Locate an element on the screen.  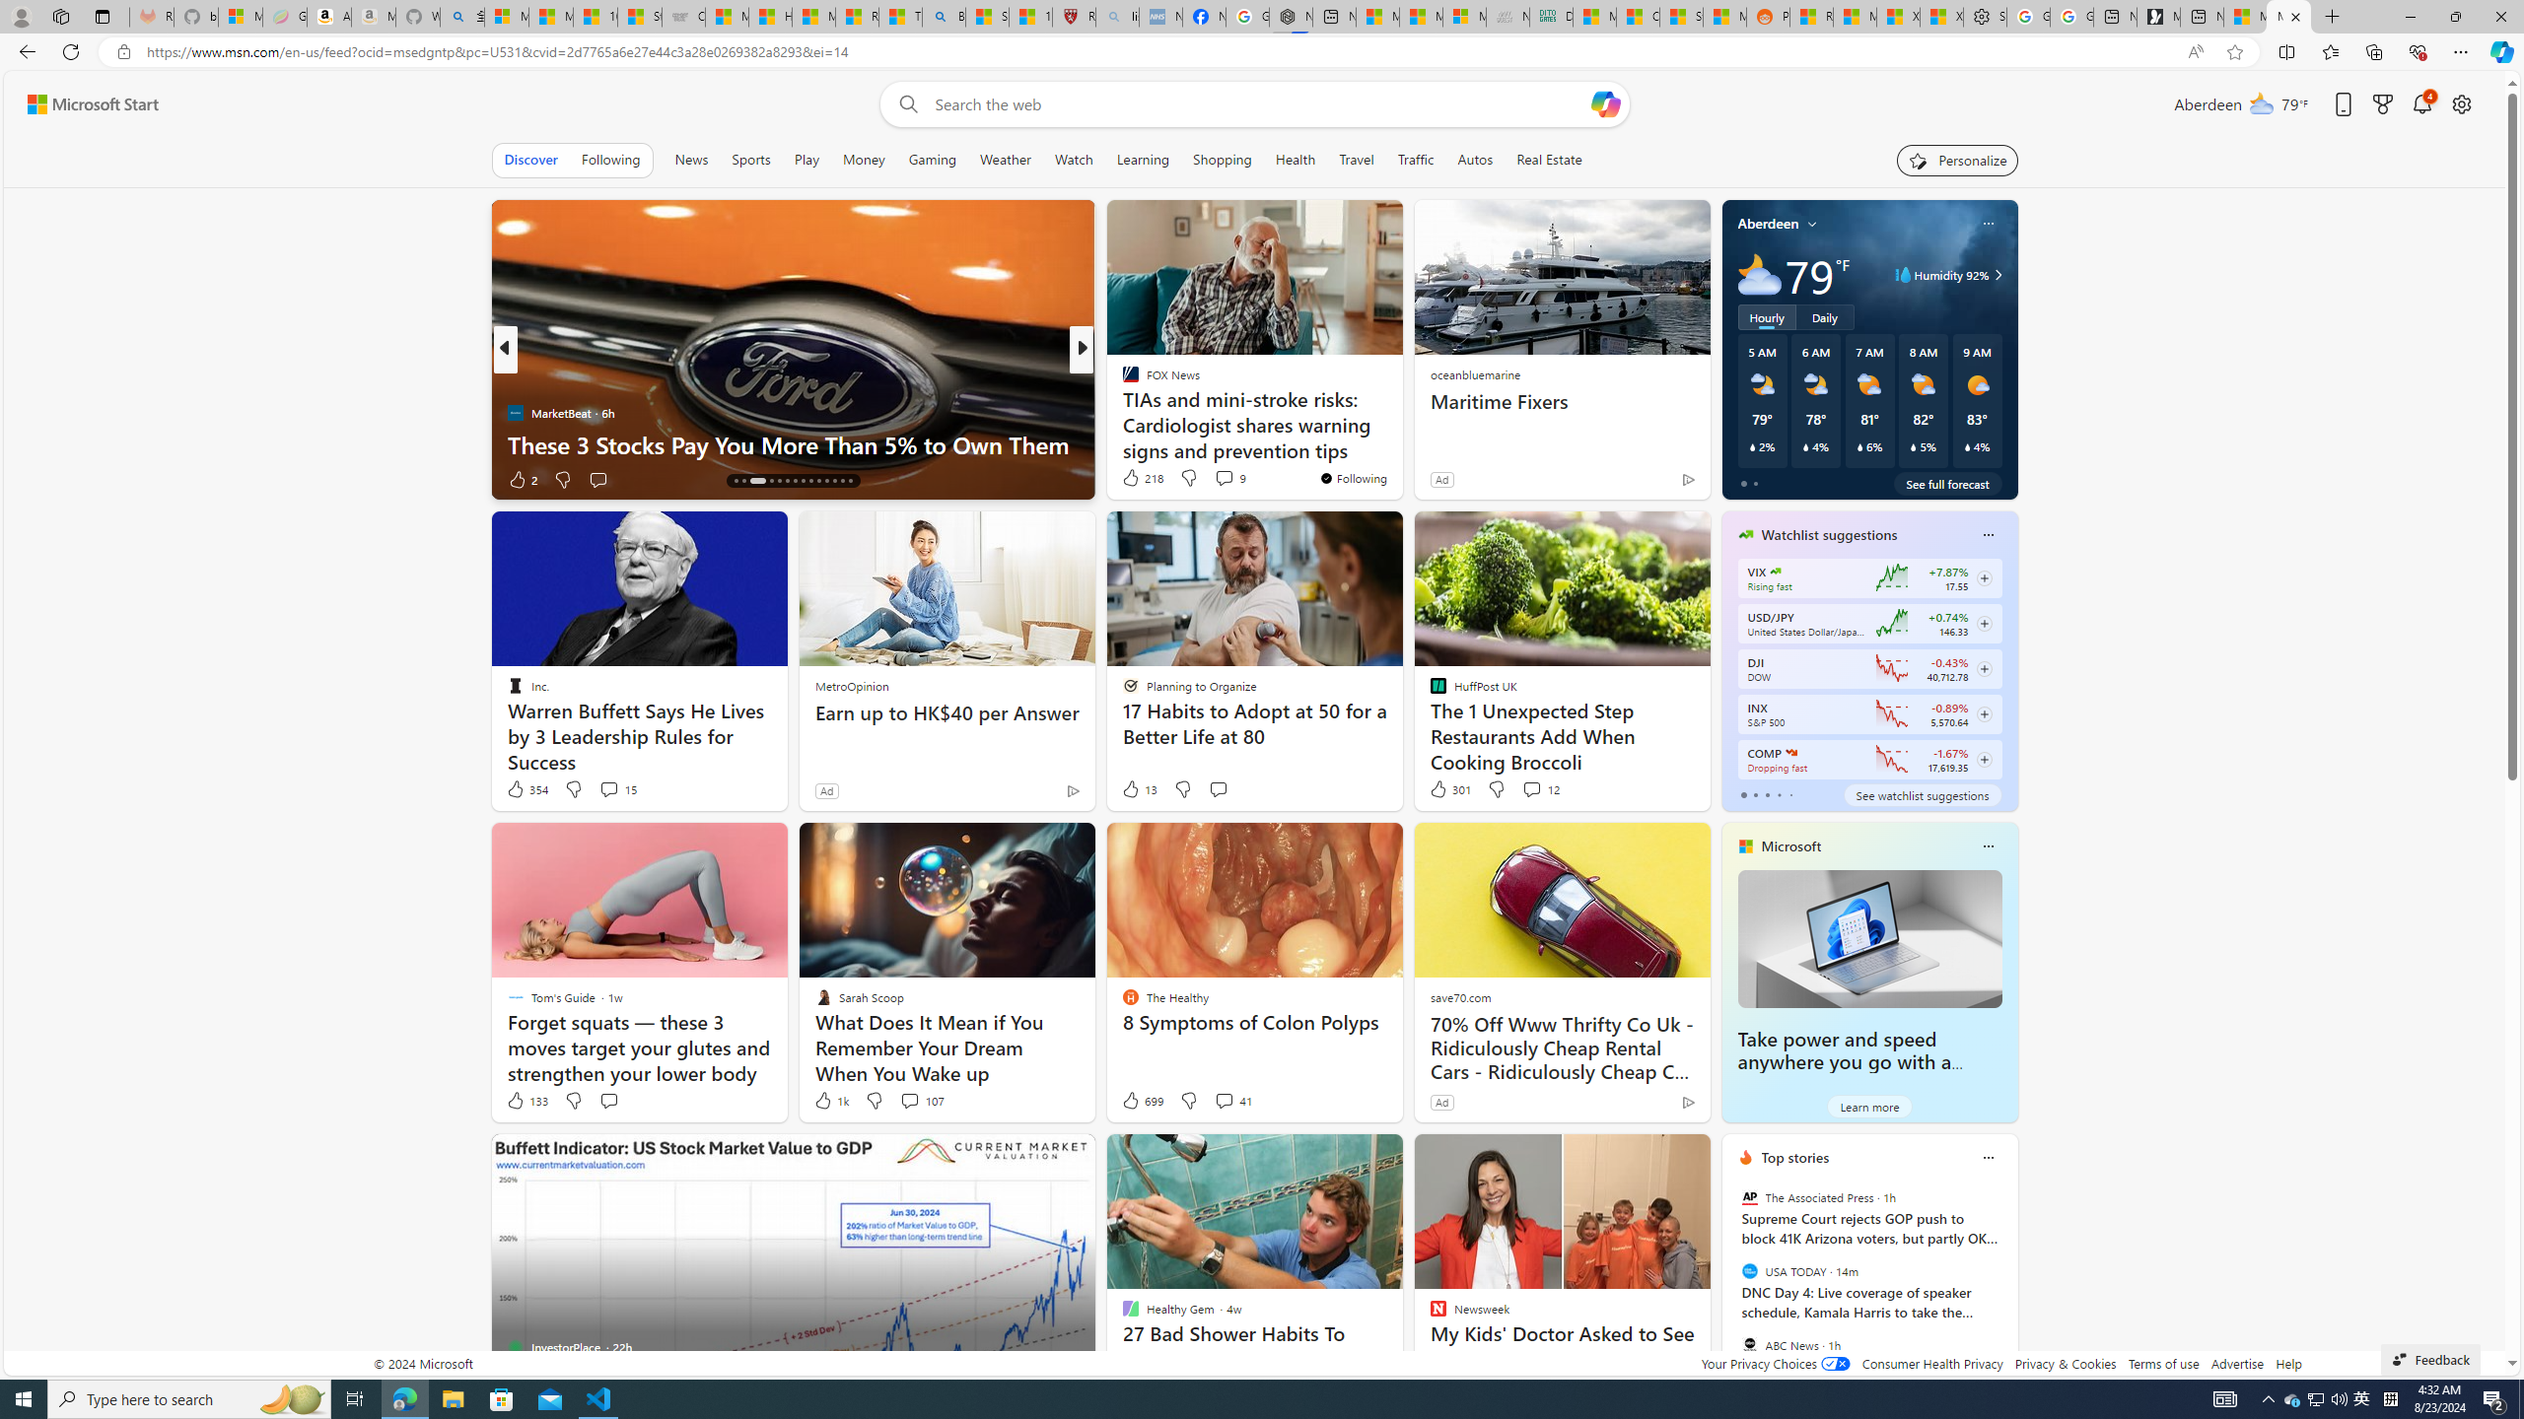
'Bing' is located at coordinates (944, 16).